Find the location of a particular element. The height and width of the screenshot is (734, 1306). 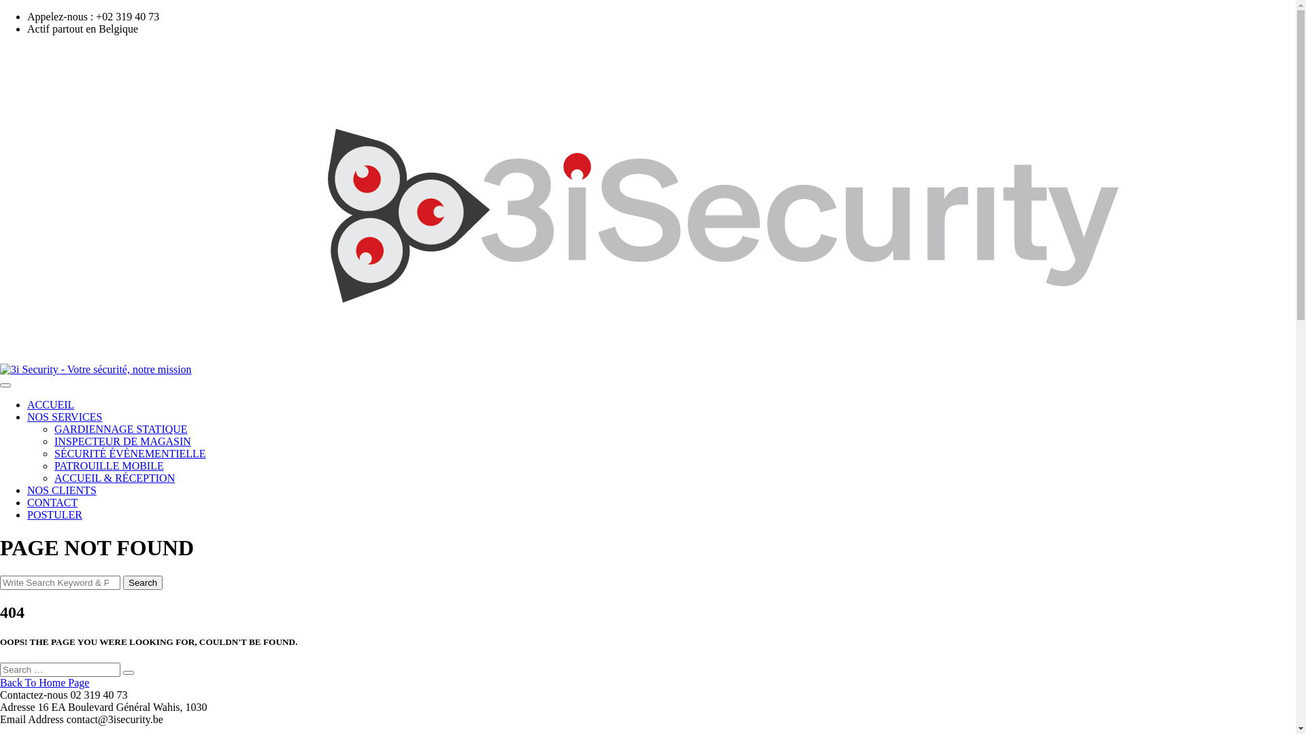

'Search' is located at coordinates (128, 673).